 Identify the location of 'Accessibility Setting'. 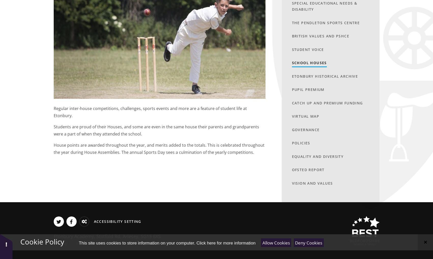
(117, 221).